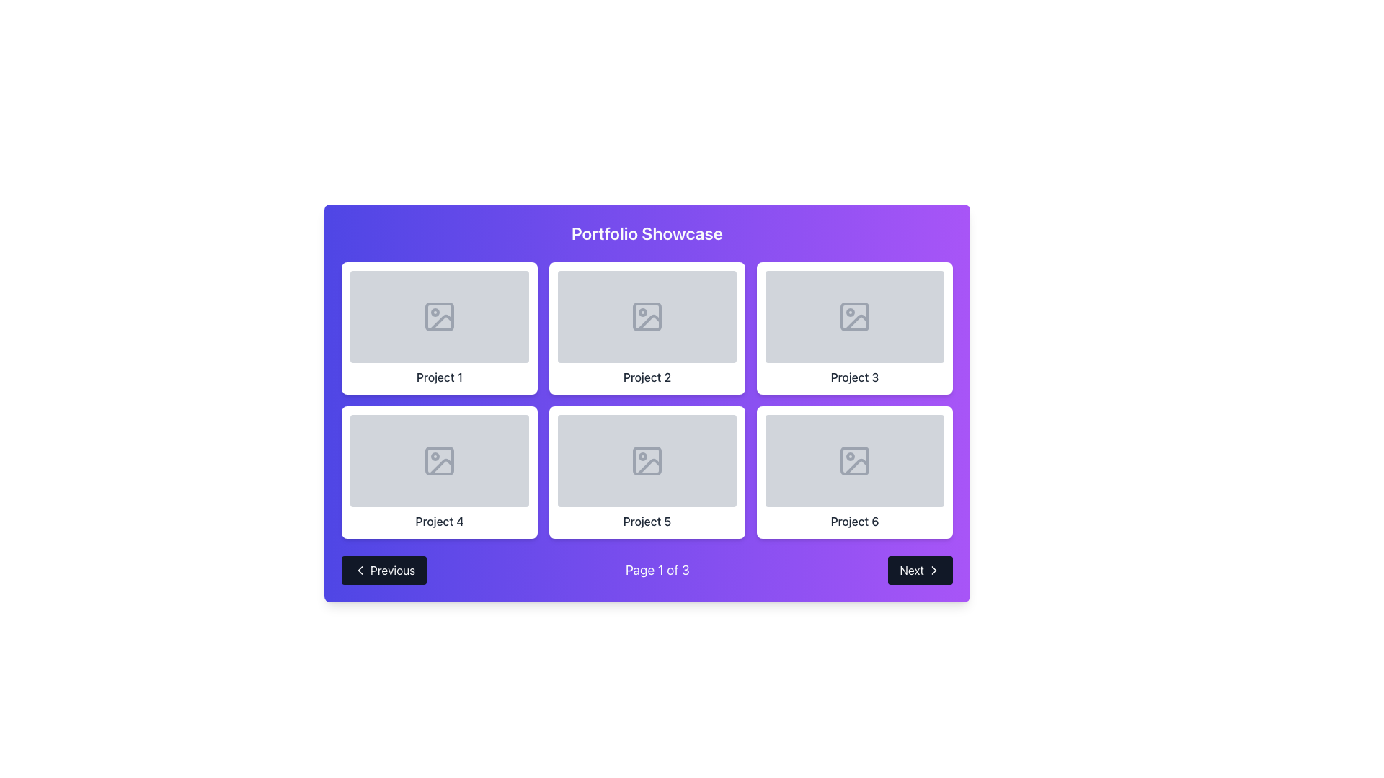 This screenshot has height=778, width=1384. Describe the element at coordinates (438, 522) in the screenshot. I see `the 'Project 4' text label, which serves as the title for the fourth project card located in the second row, first column of the grid layout` at that location.